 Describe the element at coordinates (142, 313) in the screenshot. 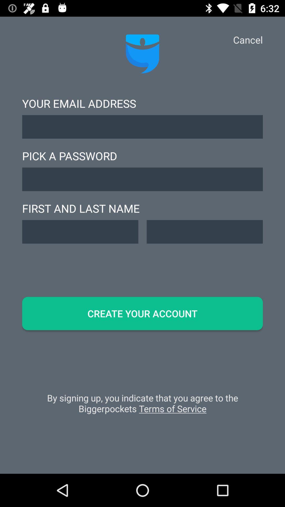

I see `the create your account icon` at that location.